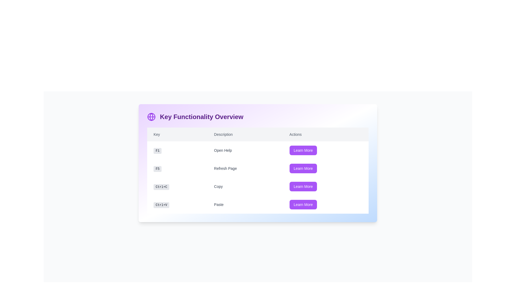 Image resolution: width=511 pixels, height=287 pixels. Describe the element at coordinates (303, 186) in the screenshot. I see `the purple button labeled 'Learn More' located in the 'Actions' column of the table, which is the third button aligned horizontally with the 'Copy' row` at that location.